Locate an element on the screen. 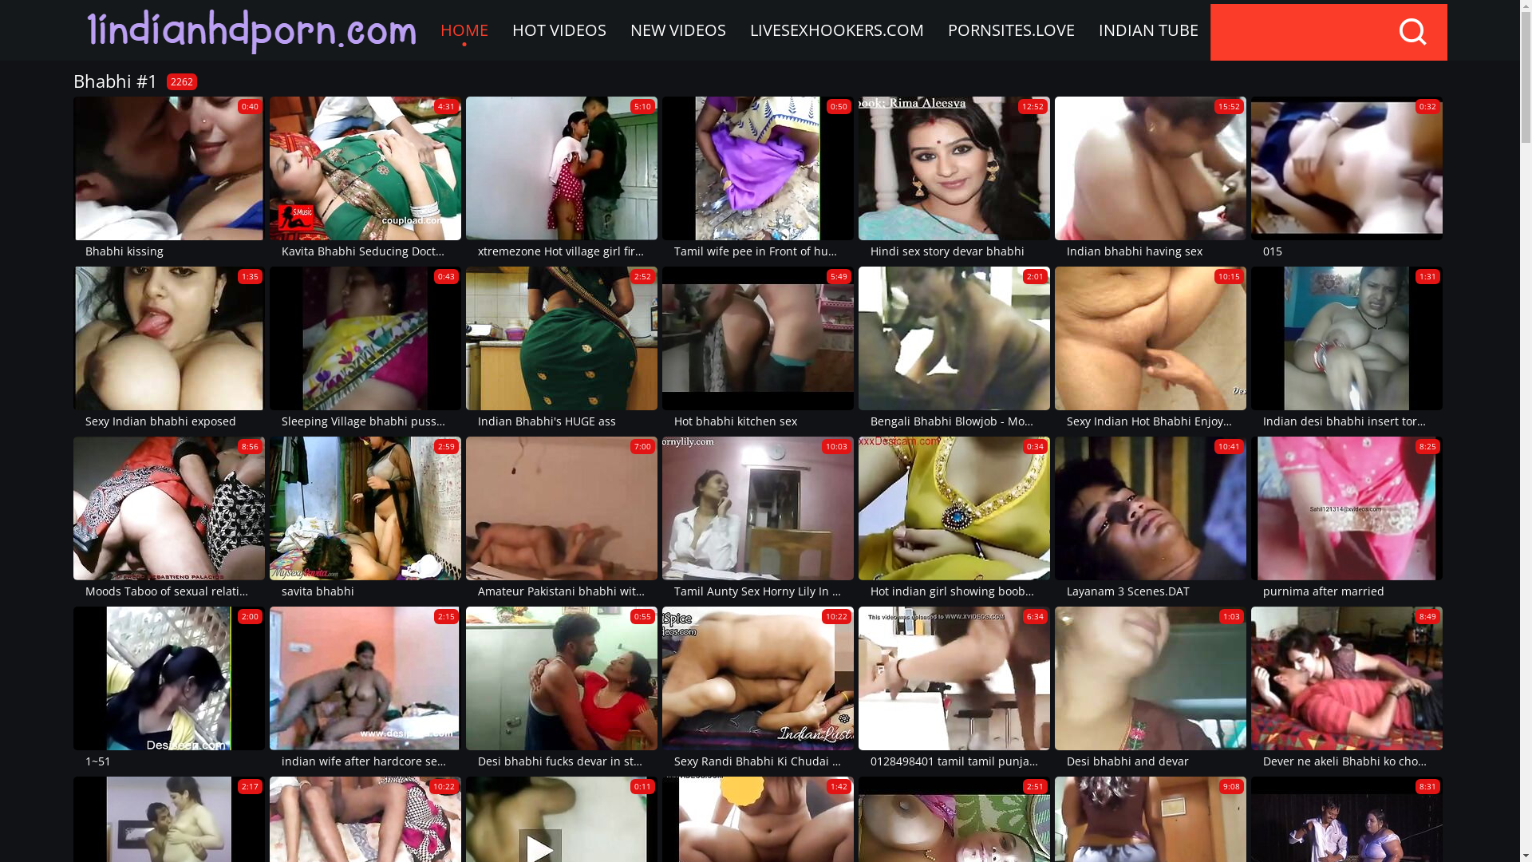  '0:55 is located at coordinates (465, 688).